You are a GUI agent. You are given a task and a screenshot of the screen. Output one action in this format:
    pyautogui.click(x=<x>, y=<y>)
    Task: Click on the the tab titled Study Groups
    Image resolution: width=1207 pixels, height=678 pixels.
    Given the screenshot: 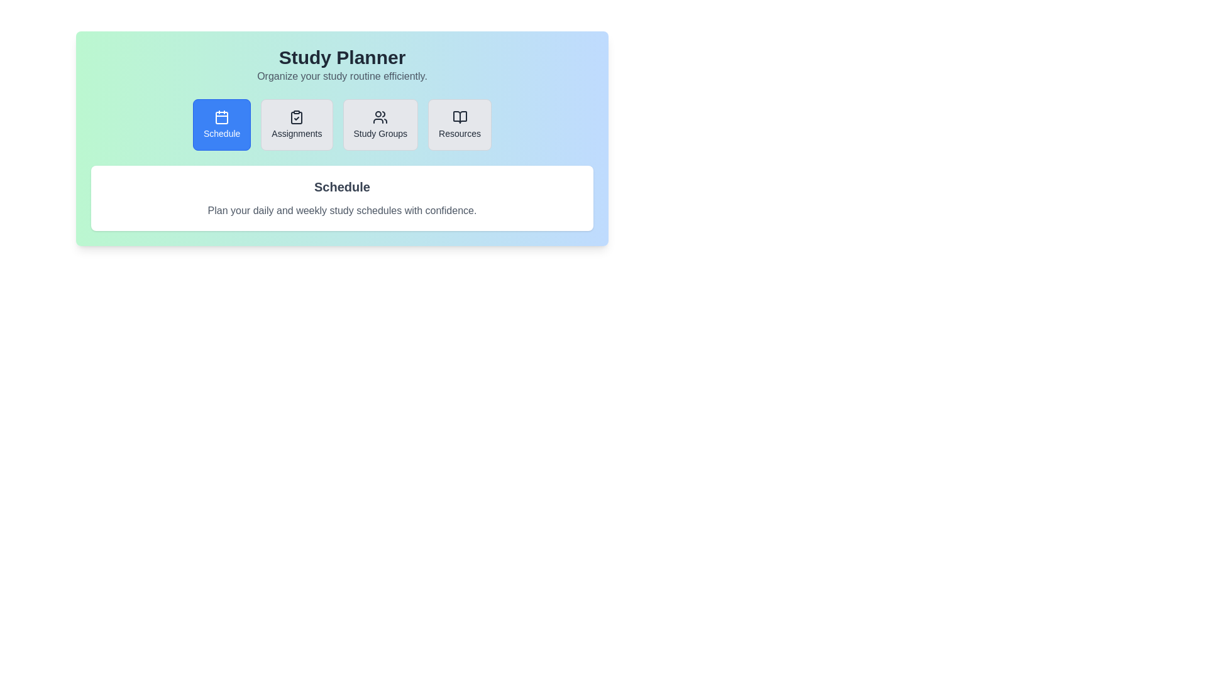 What is the action you would take?
    pyautogui.click(x=379, y=125)
    